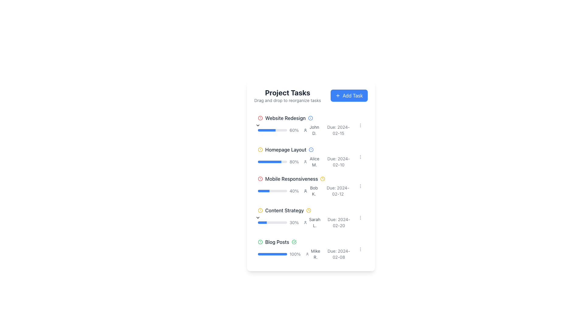 The width and height of the screenshot is (584, 328). I want to click on the text label displaying 'Website Redesign', which is the first task item under the 'Project Tasks' heading, so click(285, 118).